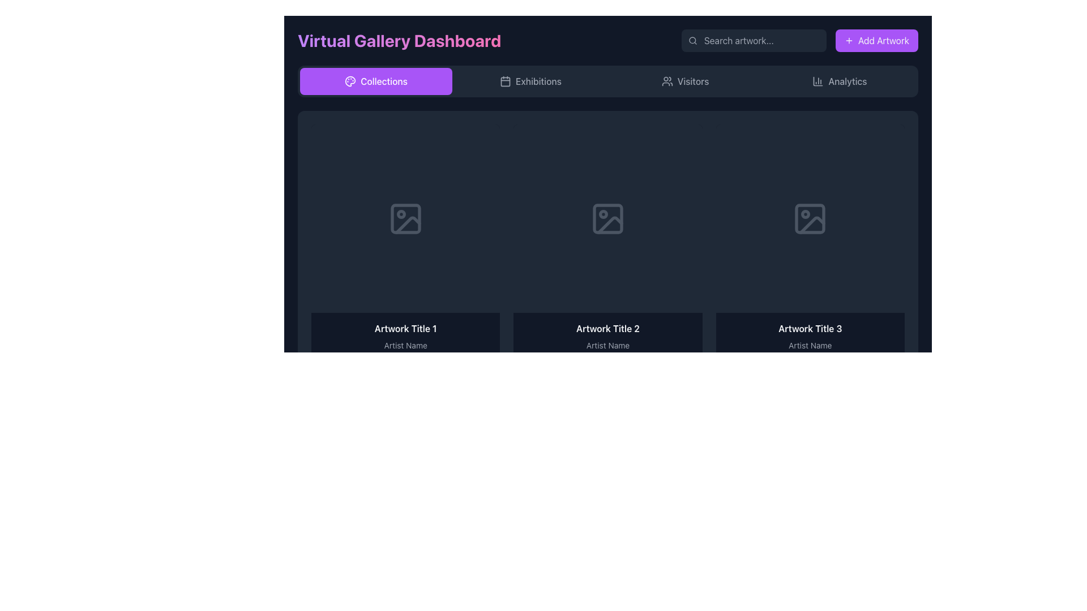 This screenshot has width=1087, height=611. I want to click on the gray image icon with a circular detail in the top-left and a triangular shape in the bottom-right, located in the top-left of the grid layout, so click(405, 218).